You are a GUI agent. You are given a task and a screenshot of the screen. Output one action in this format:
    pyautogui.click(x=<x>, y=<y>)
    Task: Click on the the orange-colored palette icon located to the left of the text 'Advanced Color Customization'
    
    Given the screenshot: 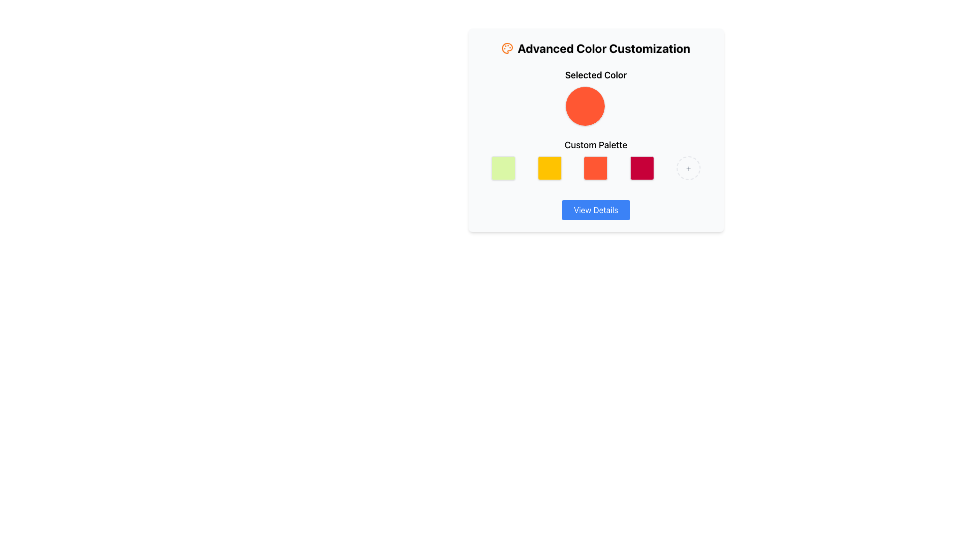 What is the action you would take?
    pyautogui.click(x=507, y=48)
    